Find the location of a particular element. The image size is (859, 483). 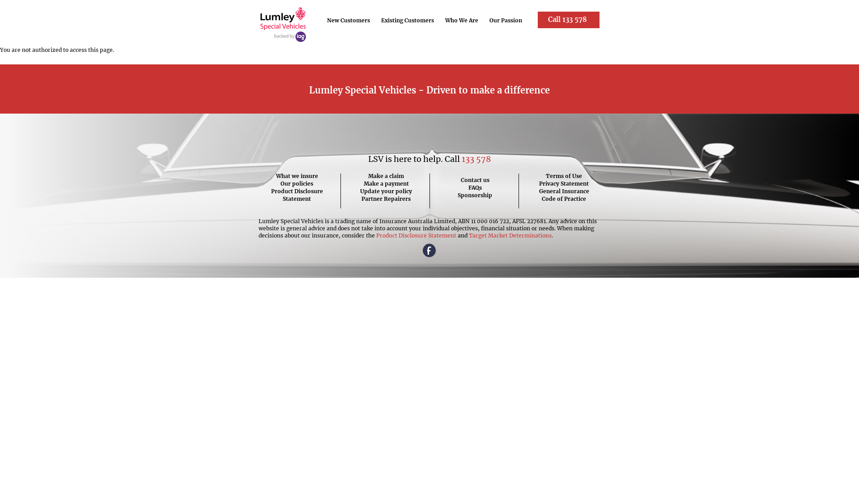

'General Insurance Code of Practice' is located at coordinates (538, 194).